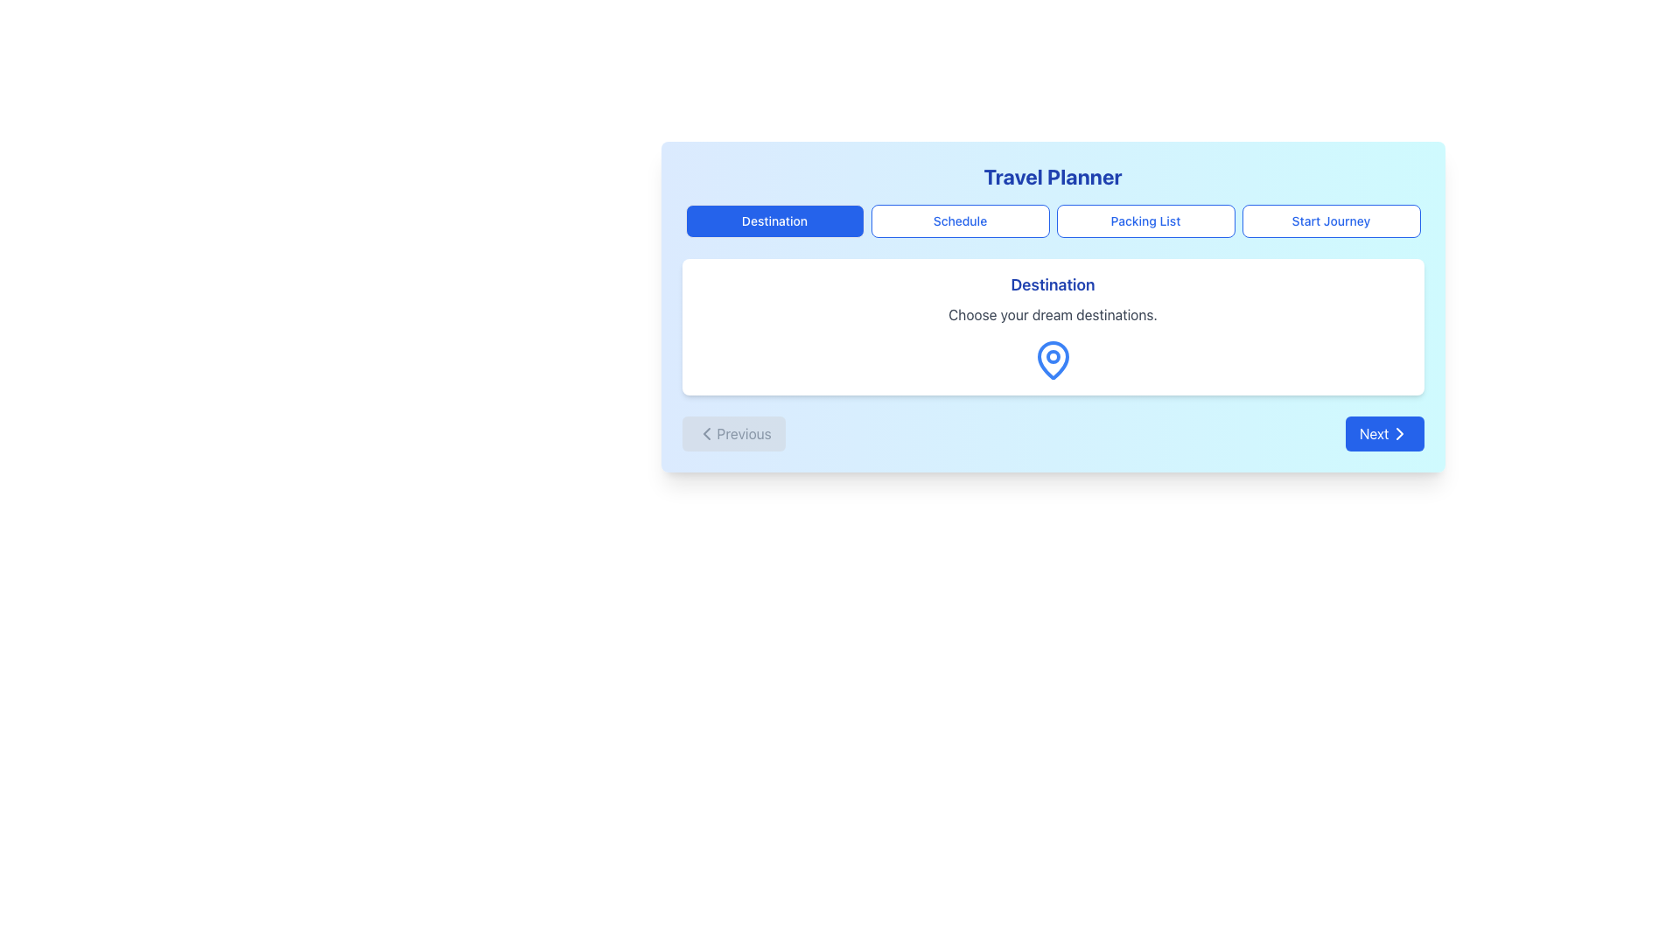 The height and width of the screenshot is (945, 1680). I want to click on the 'Schedule' button in the blue-themed 'Travel Planner' interface, so click(959, 220).